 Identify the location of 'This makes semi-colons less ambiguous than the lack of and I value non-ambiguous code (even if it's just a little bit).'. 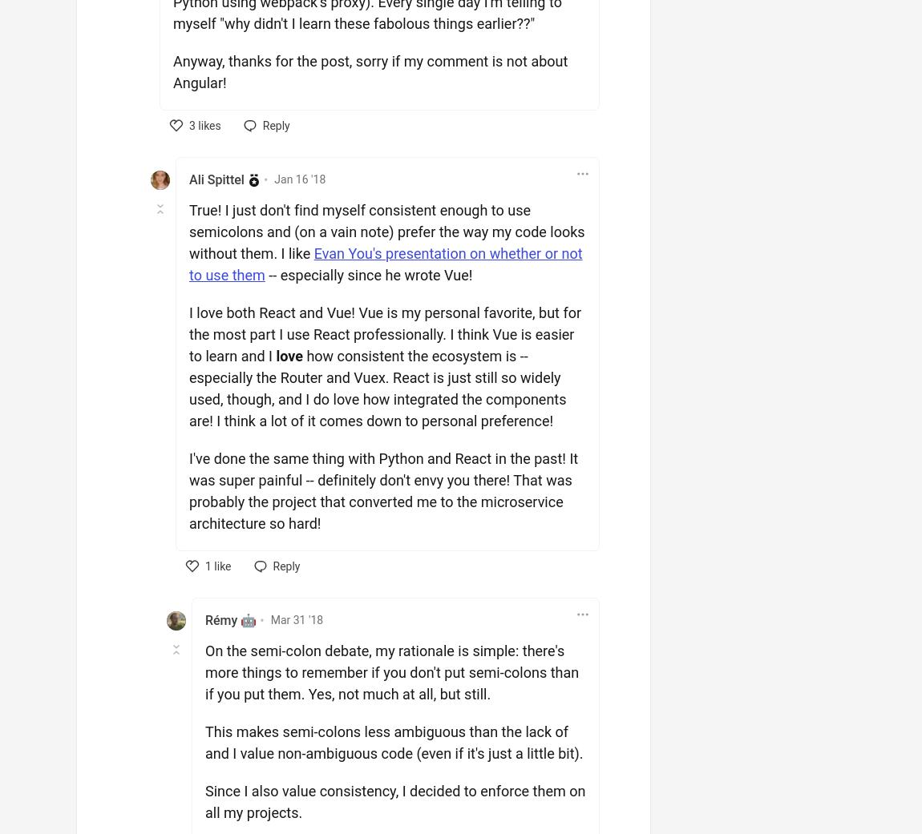
(204, 740).